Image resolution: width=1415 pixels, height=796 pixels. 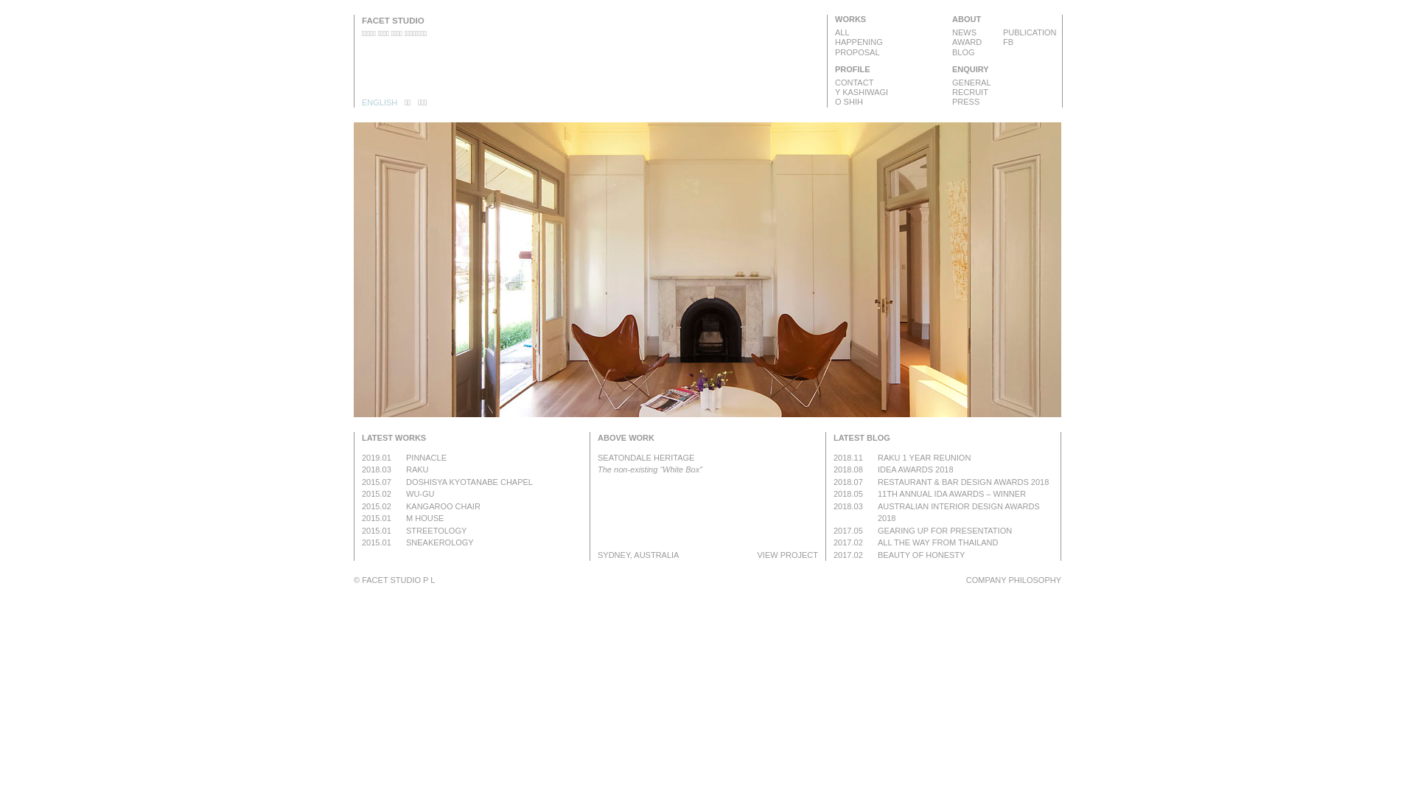 I want to click on 'PROPOSAL', so click(x=889, y=52).